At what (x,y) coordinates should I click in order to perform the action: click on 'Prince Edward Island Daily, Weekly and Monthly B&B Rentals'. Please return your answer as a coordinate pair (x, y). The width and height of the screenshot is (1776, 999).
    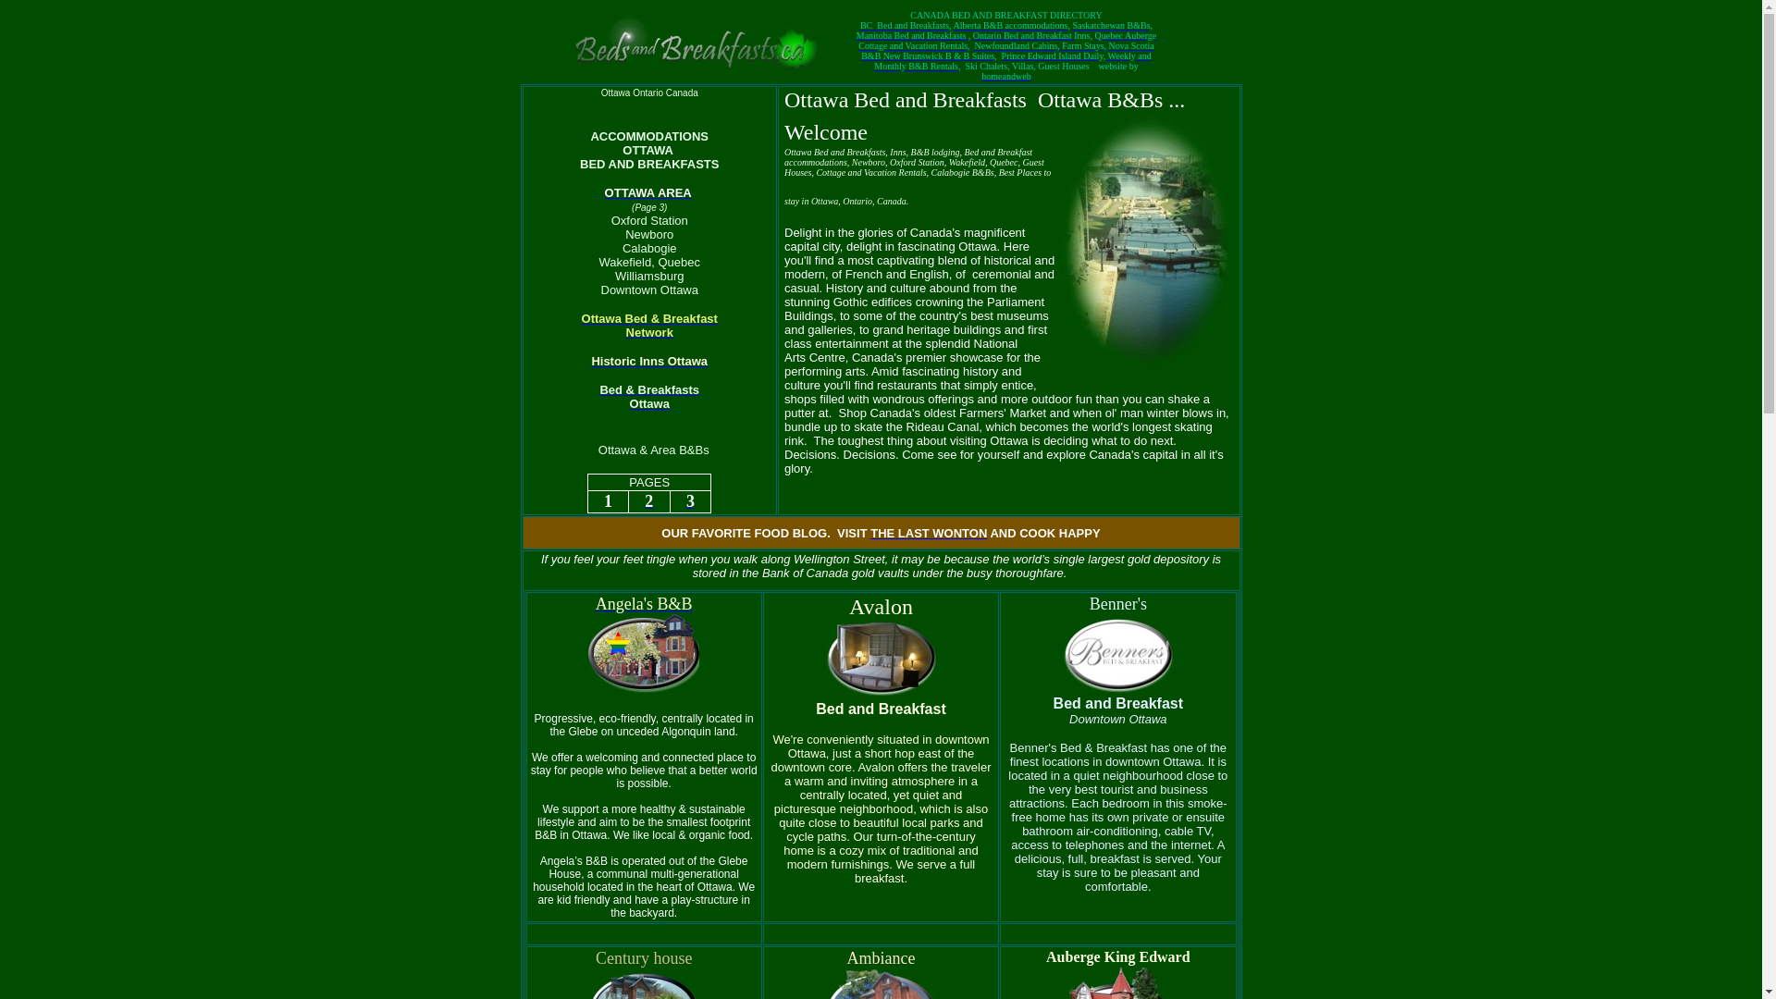
    Looking at the image, I should click on (1011, 58).